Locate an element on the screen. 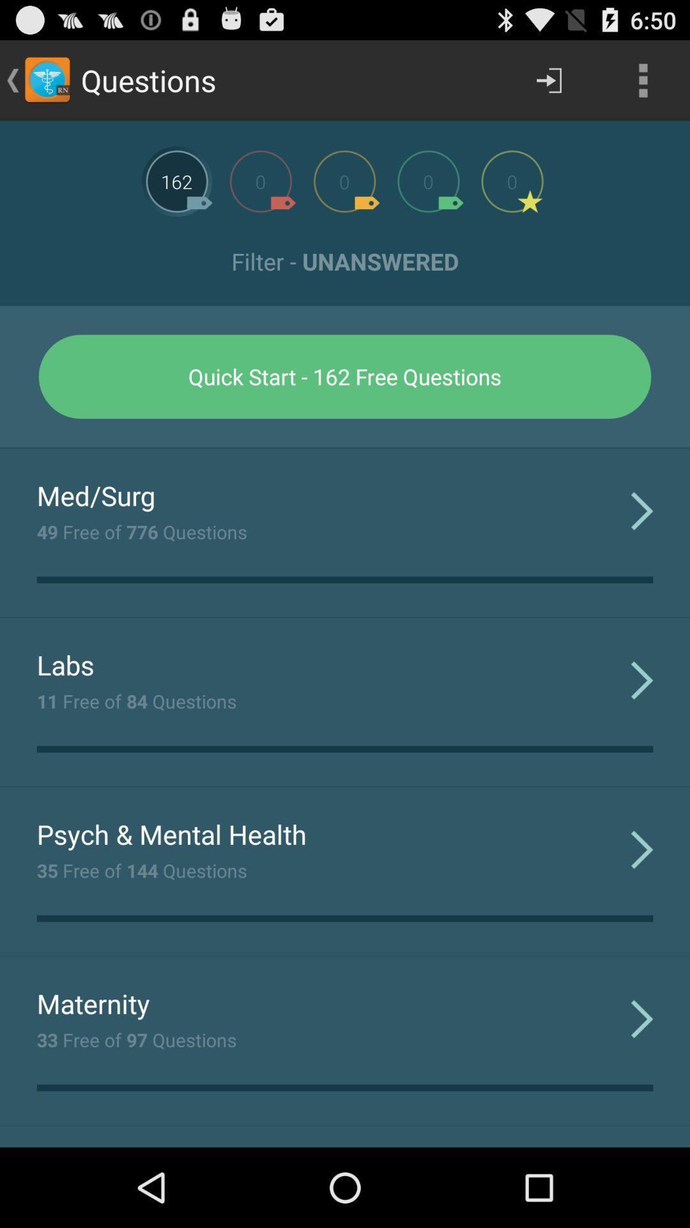  the item above 11 free of icon is located at coordinates (65, 665).